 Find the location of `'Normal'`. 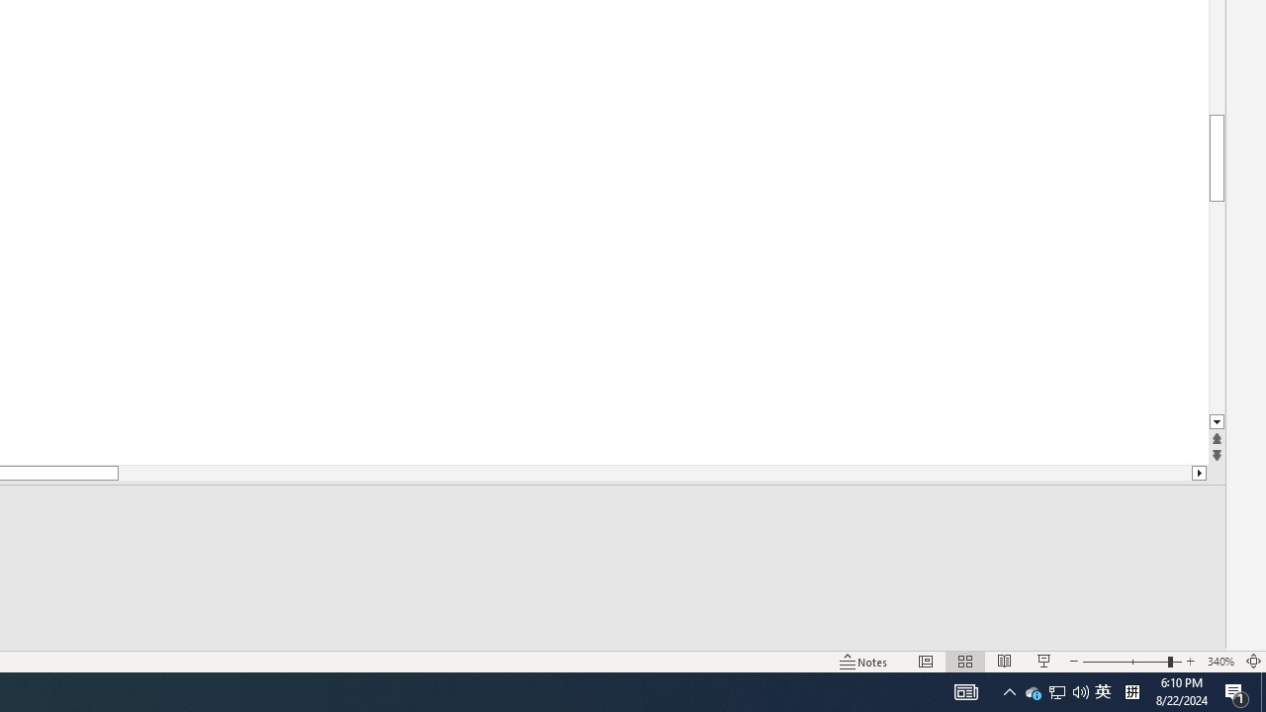

'Normal' is located at coordinates (925, 662).